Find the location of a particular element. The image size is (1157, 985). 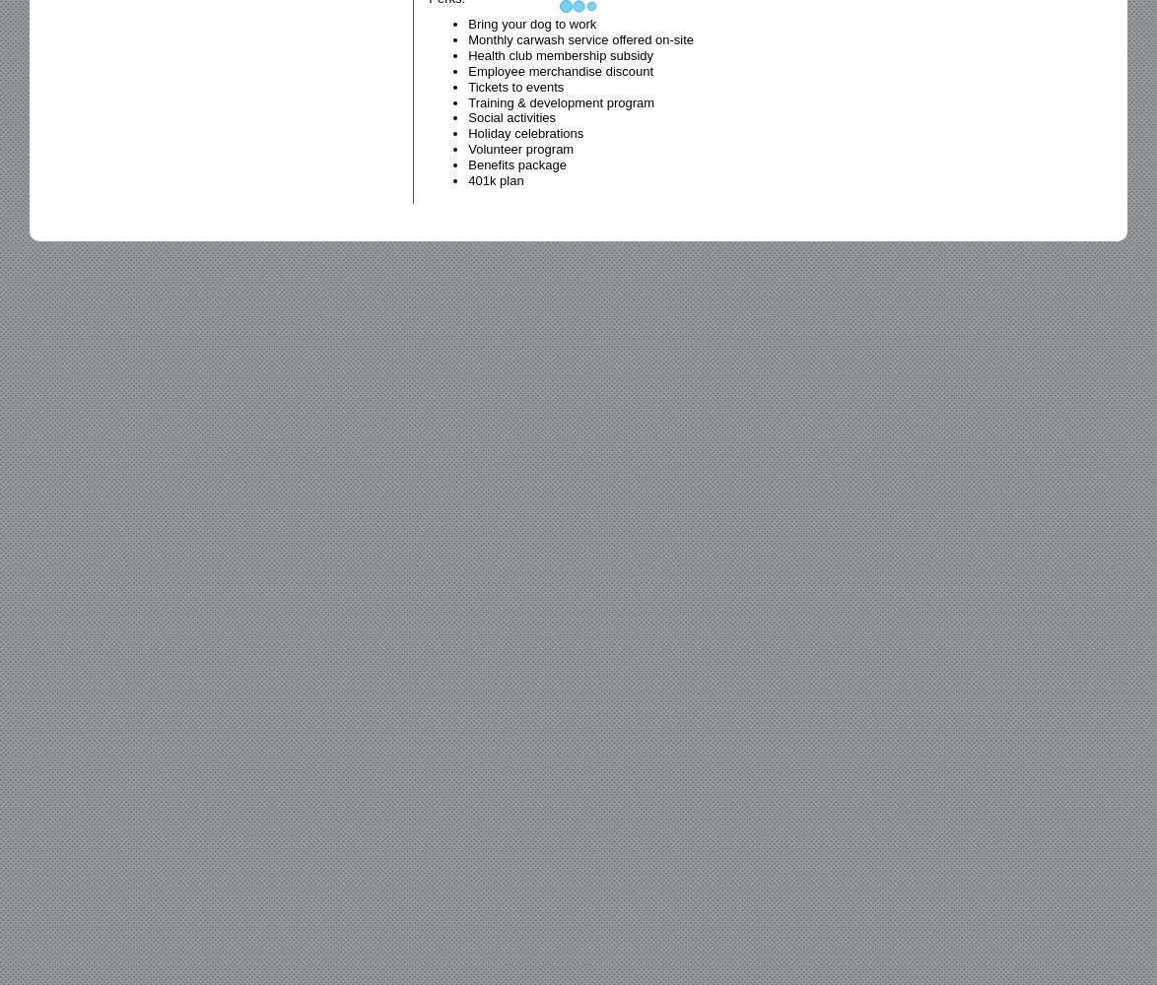

'Volunteer program' is located at coordinates (519, 149).